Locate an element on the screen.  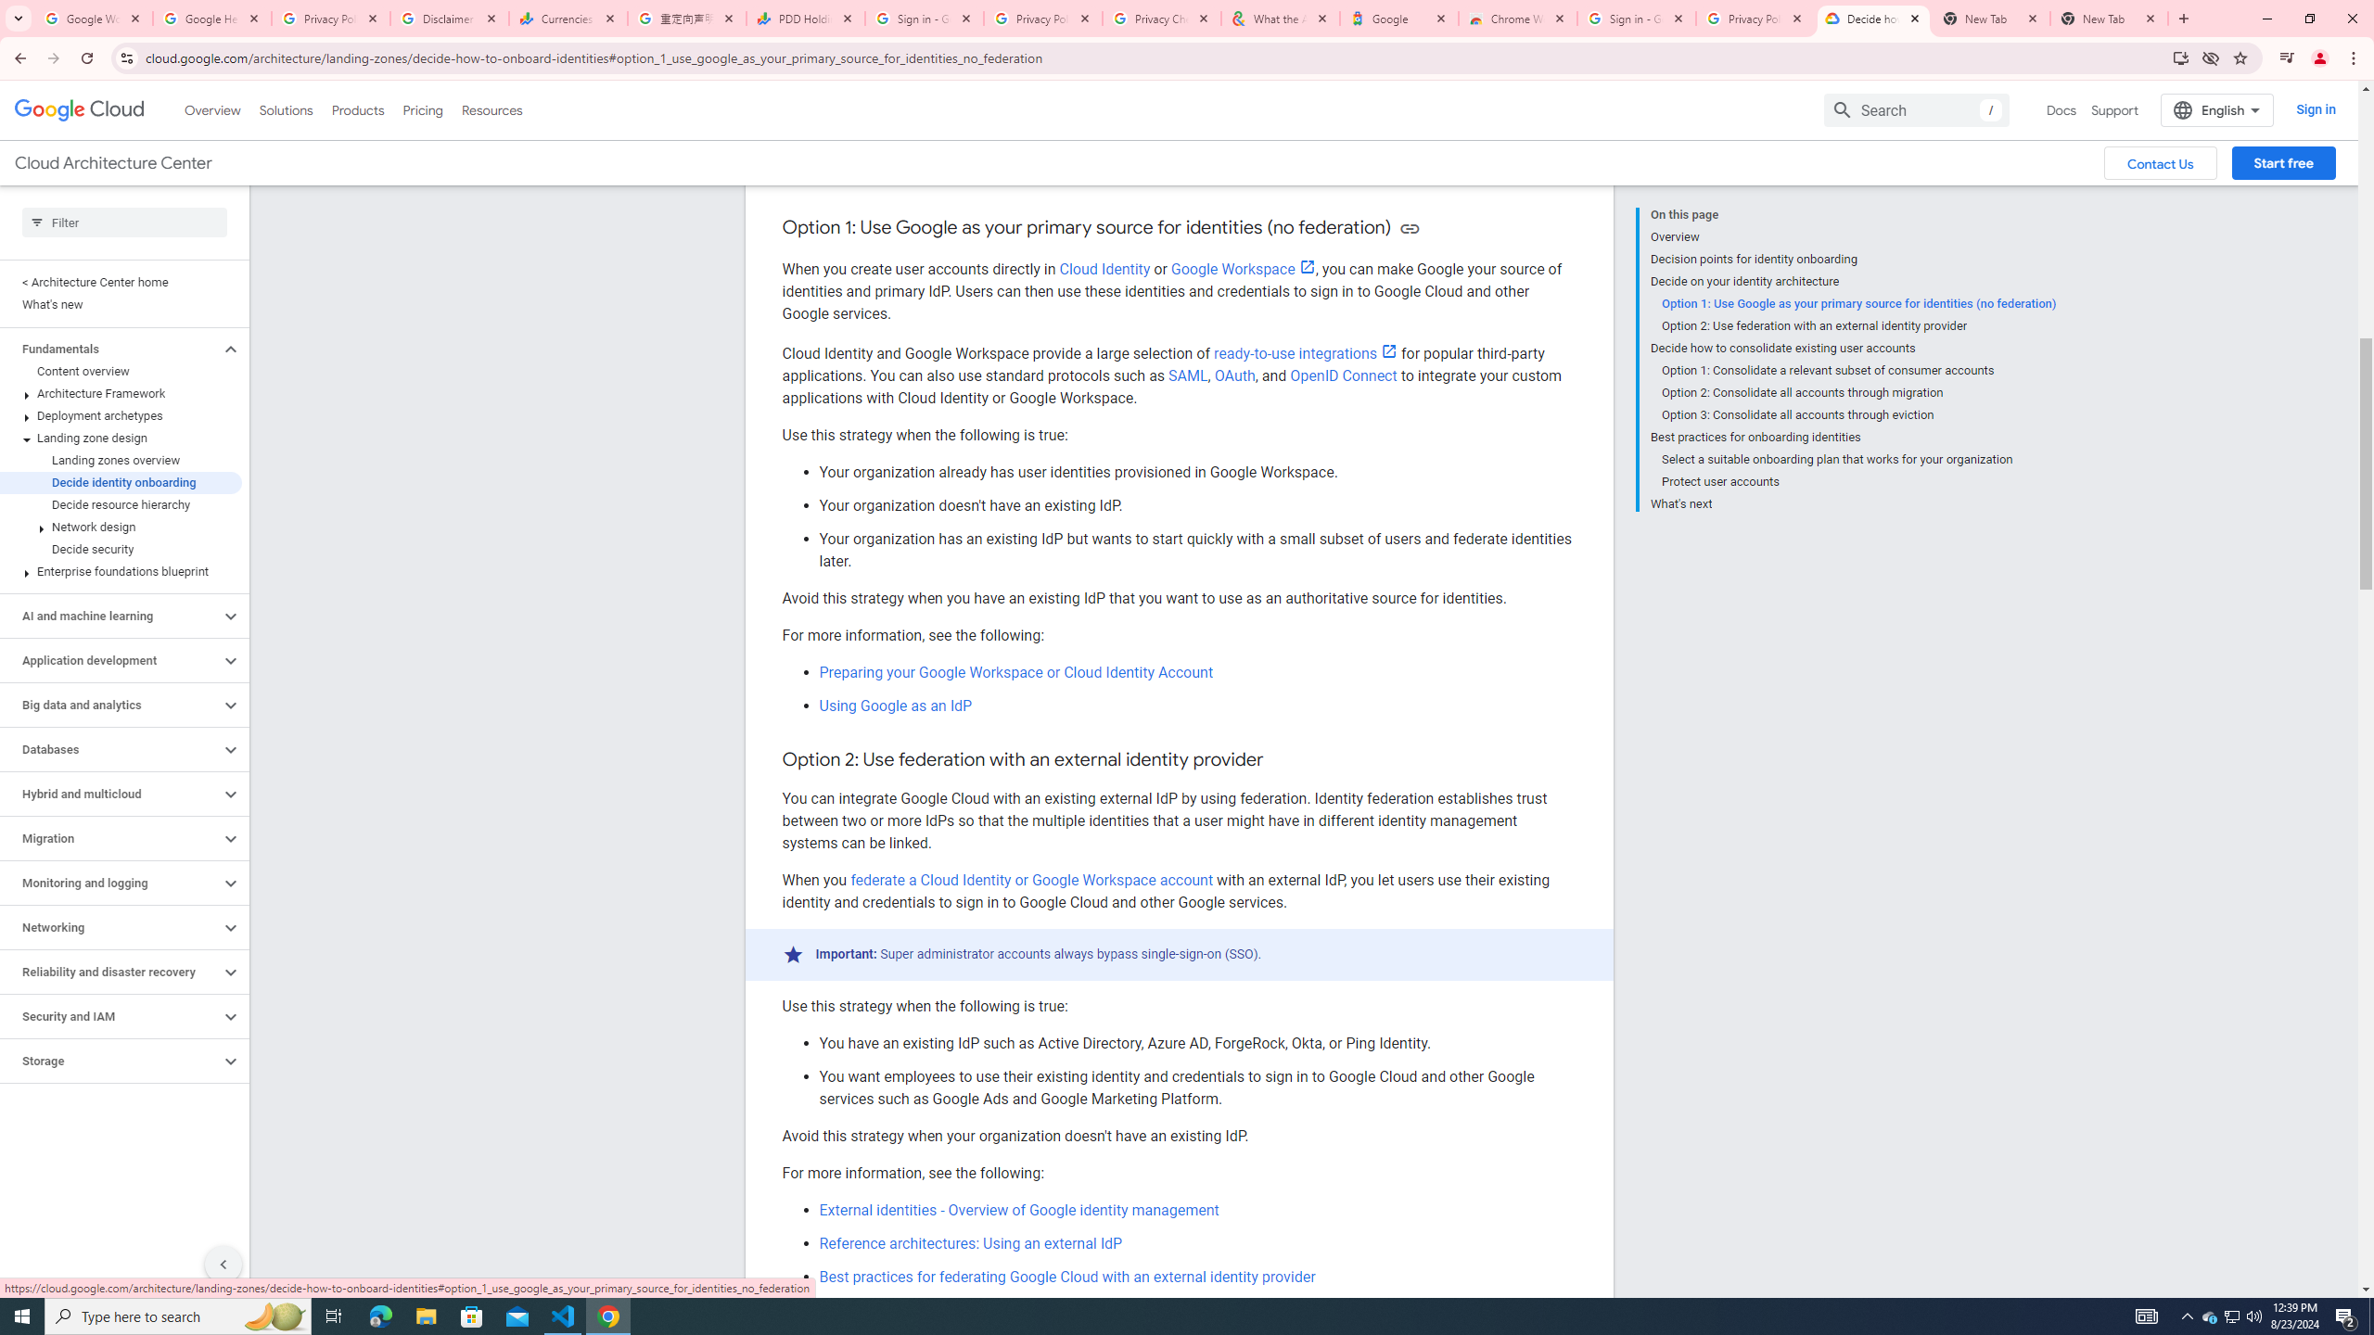
'Resources' is located at coordinates (491, 109).